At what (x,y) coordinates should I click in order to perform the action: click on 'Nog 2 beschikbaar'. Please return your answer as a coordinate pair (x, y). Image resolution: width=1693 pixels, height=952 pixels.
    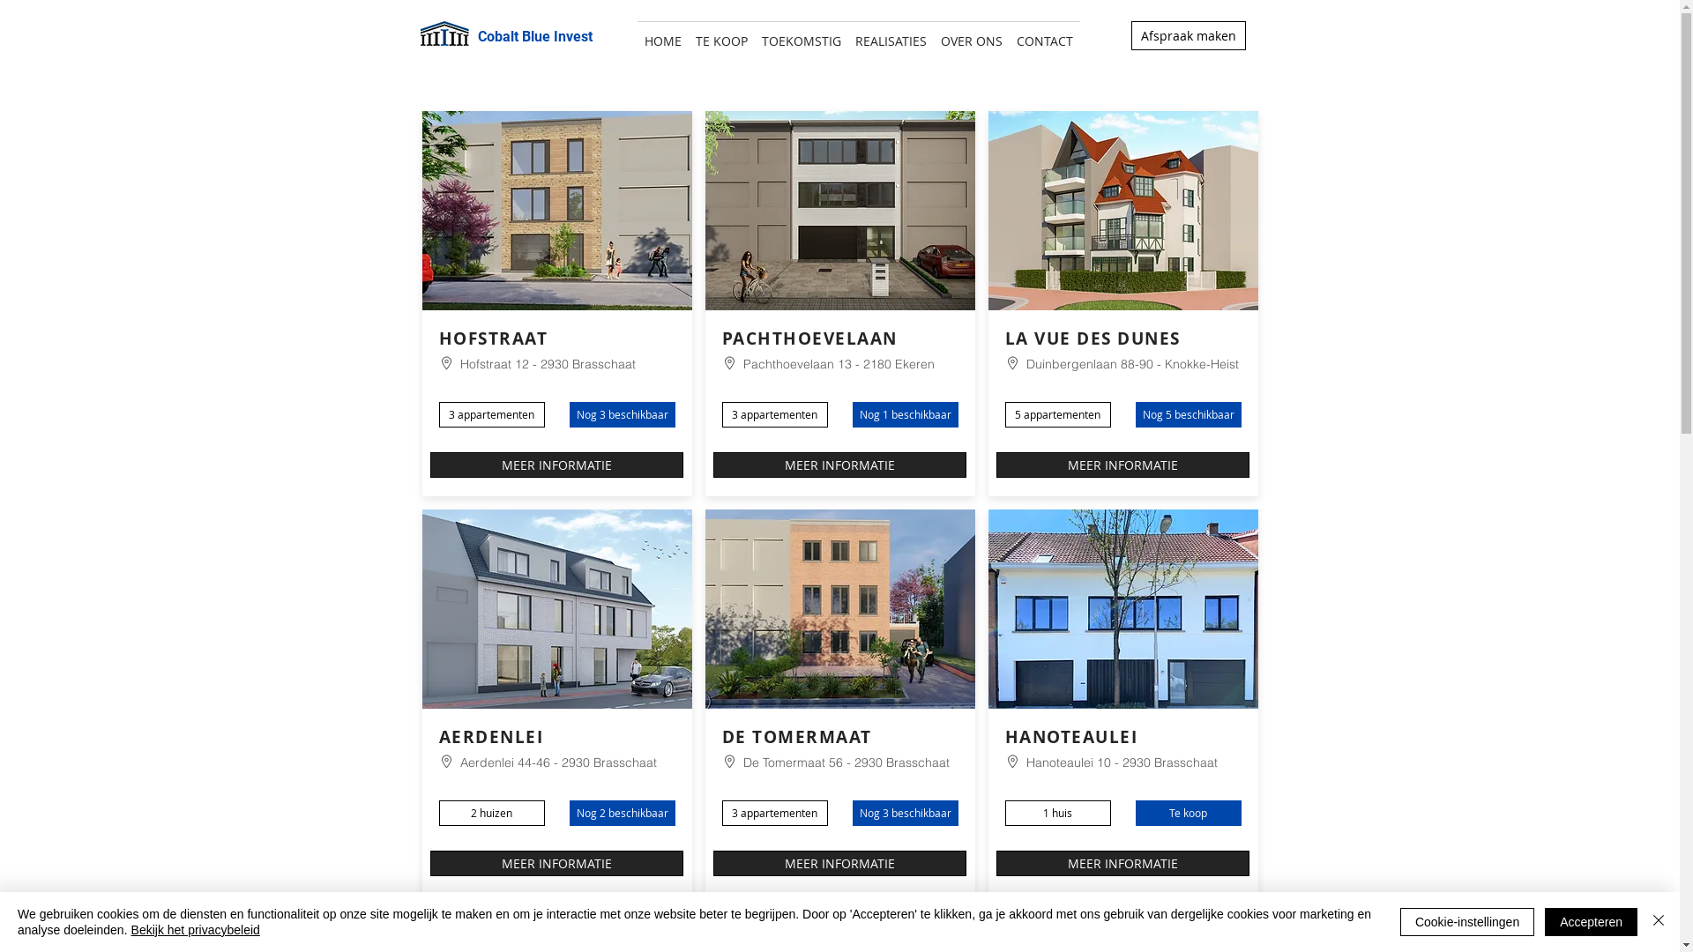
    Looking at the image, I should click on (622, 813).